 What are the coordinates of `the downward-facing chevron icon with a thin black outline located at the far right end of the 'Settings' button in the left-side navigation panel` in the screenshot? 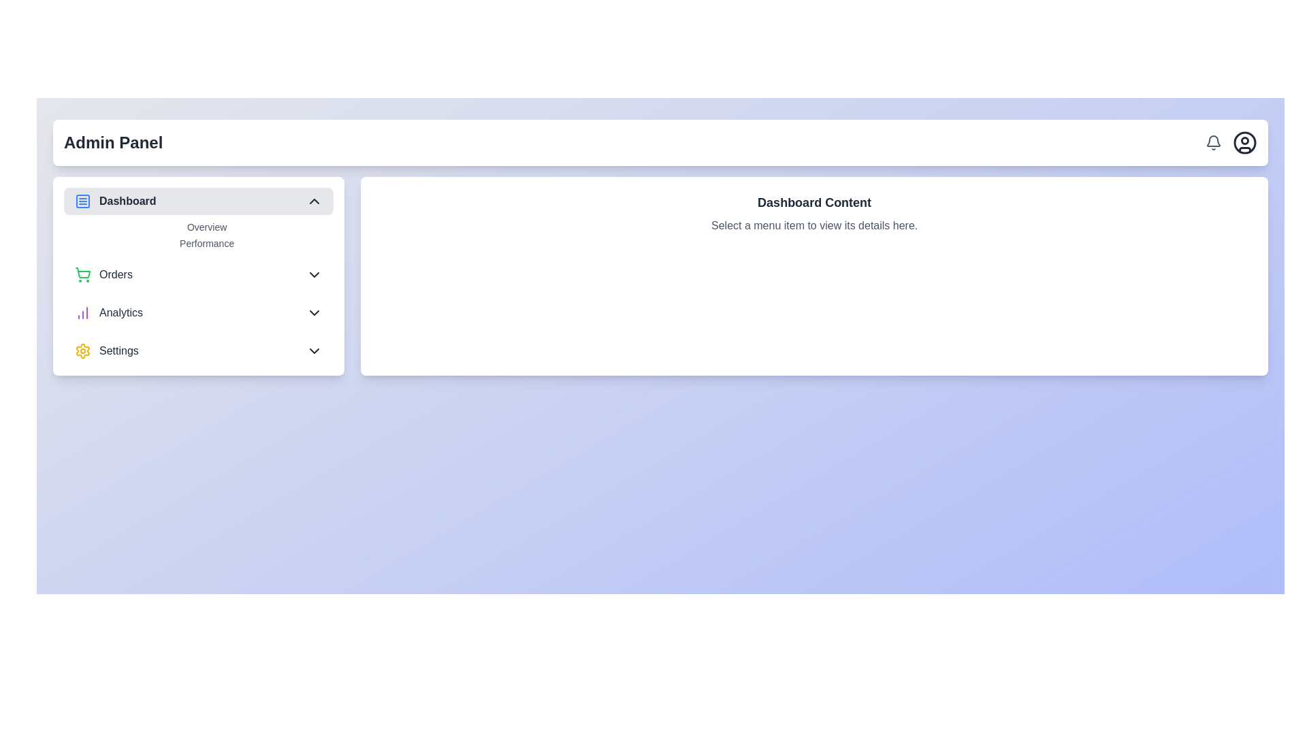 It's located at (314, 350).